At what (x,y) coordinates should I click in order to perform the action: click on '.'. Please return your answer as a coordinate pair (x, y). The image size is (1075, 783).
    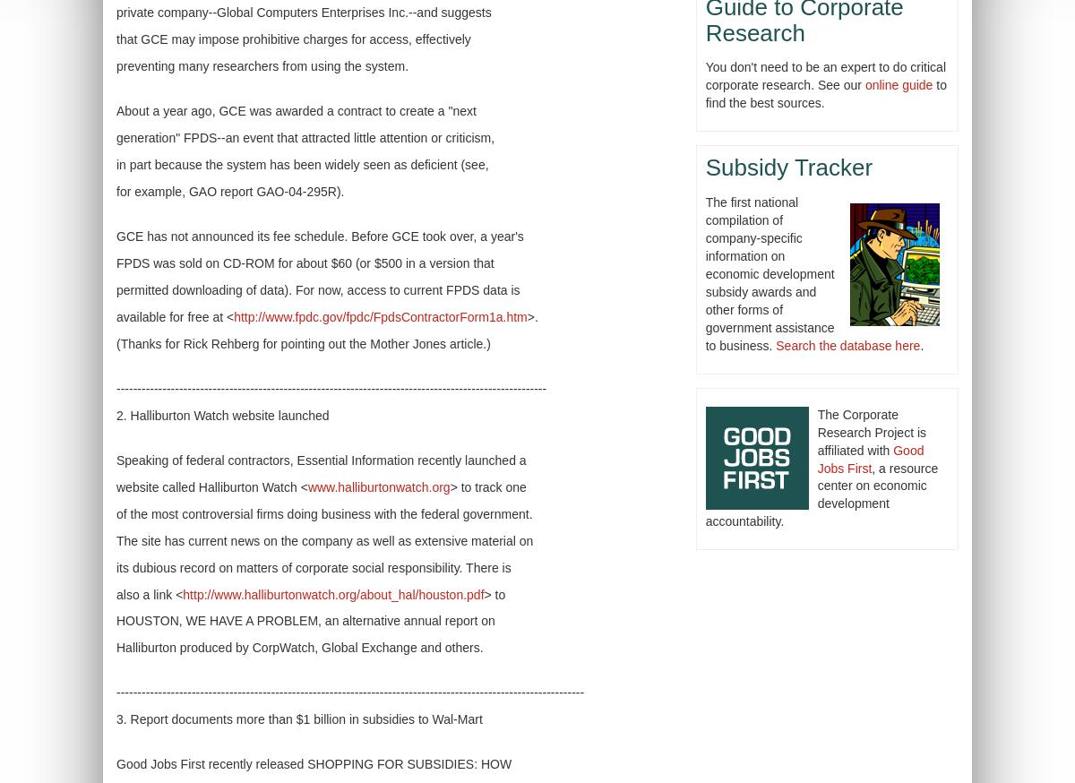
    Looking at the image, I should click on (919, 344).